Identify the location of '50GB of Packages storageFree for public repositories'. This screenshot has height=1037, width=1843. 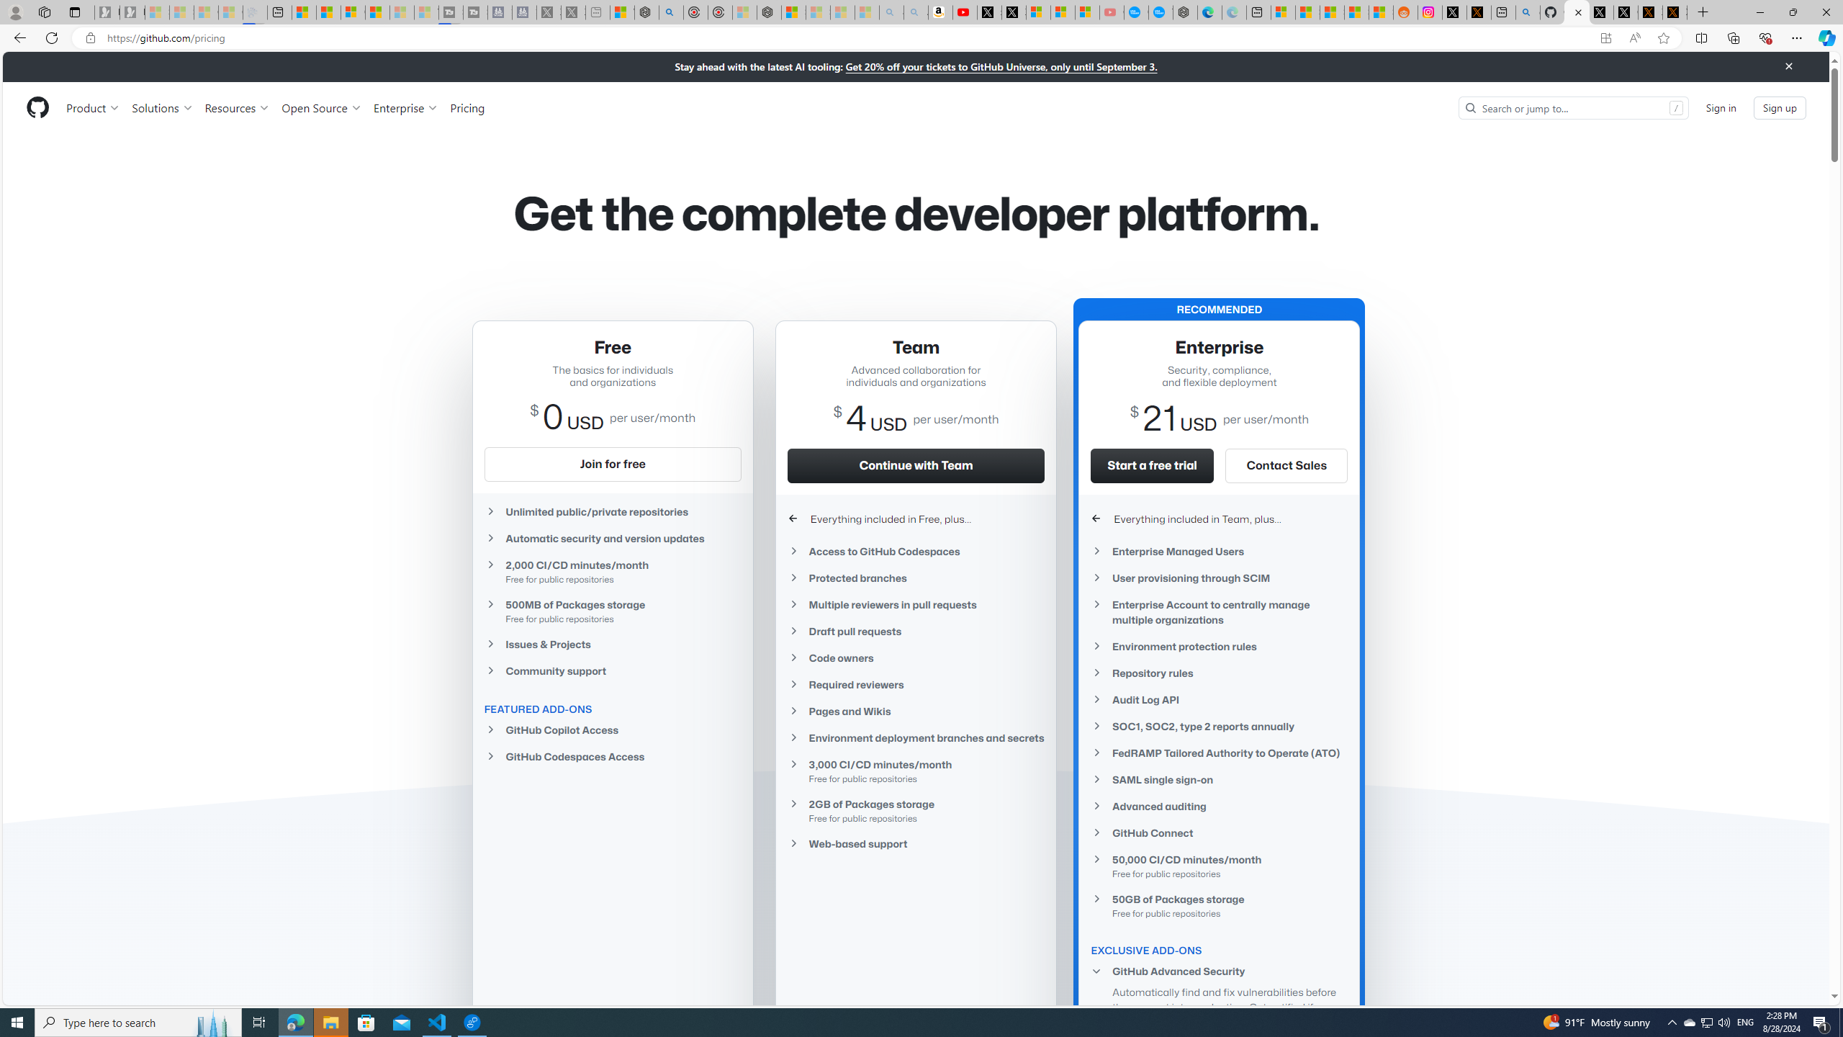
(1219, 904).